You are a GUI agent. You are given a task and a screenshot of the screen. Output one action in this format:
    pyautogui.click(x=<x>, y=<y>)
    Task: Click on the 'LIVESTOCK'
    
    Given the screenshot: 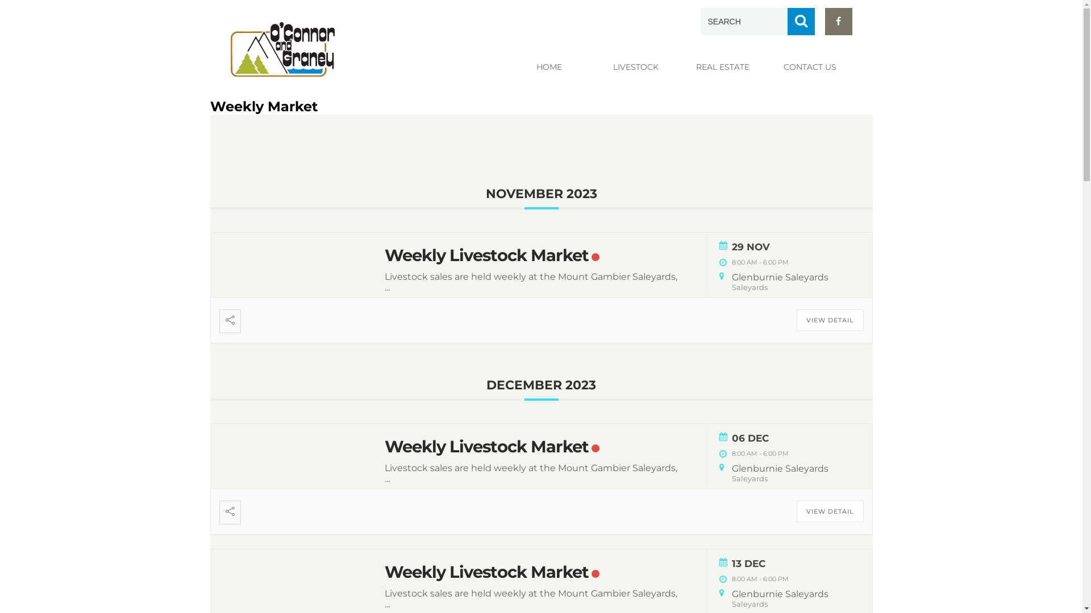 What is the action you would take?
    pyautogui.click(x=635, y=67)
    